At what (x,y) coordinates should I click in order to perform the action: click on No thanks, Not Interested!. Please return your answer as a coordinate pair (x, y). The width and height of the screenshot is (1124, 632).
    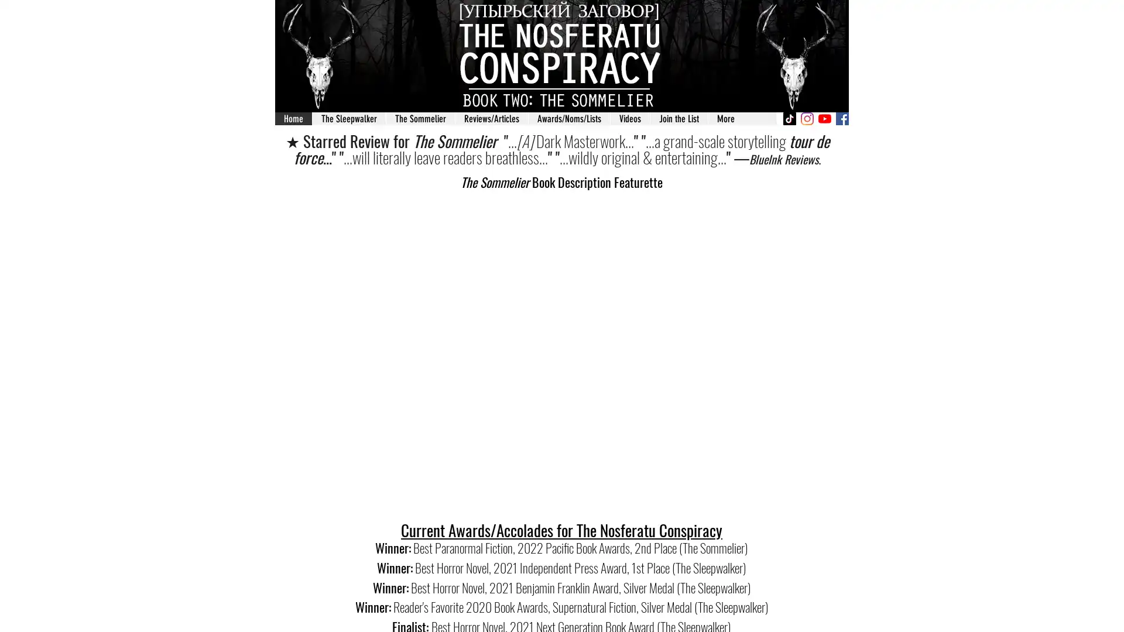
    Looking at the image, I should click on (561, 424).